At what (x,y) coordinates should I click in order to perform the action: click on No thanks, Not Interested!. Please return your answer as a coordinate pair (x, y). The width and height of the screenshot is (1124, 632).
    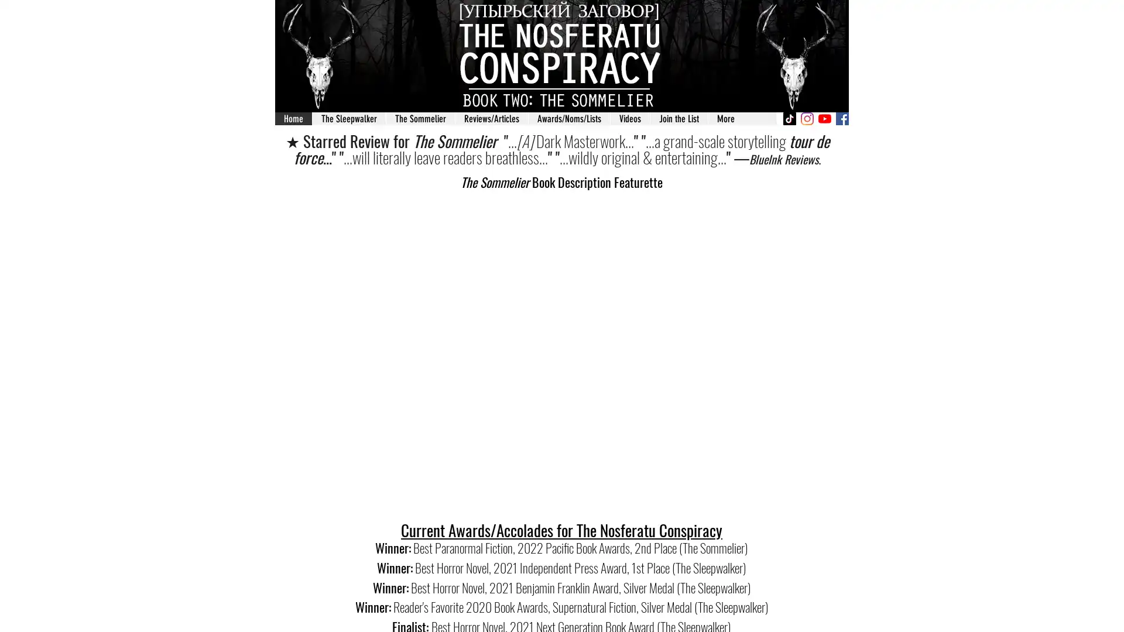
    Looking at the image, I should click on (561, 424).